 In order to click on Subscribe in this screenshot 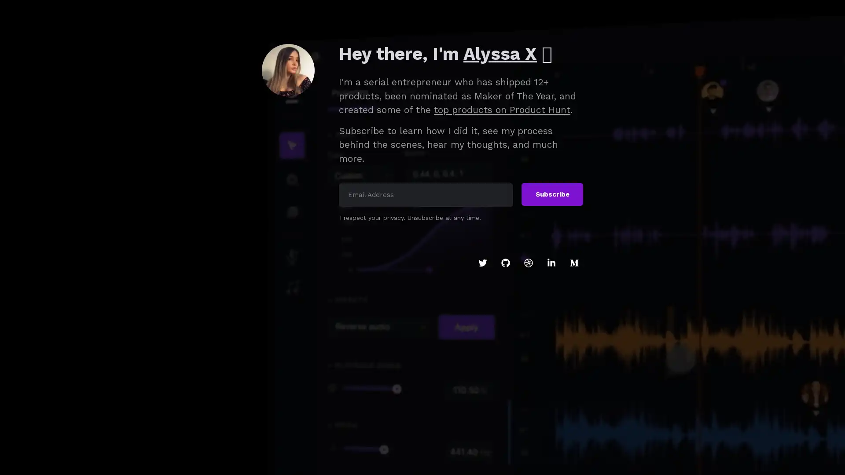, I will do `click(551, 194)`.